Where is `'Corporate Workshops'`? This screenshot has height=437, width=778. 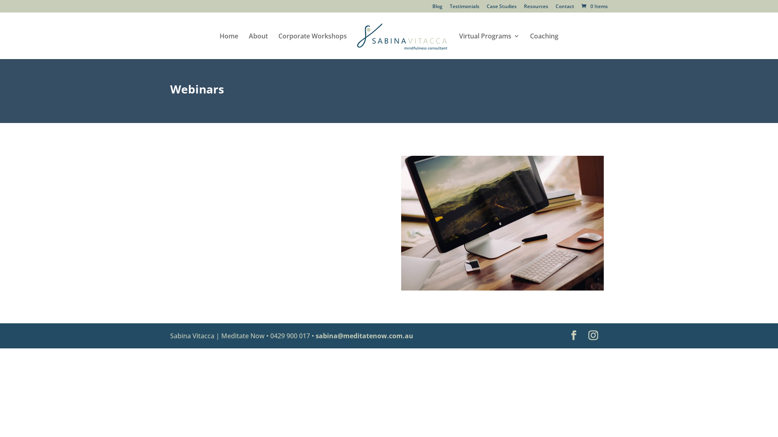
'Corporate Workshops' is located at coordinates (278, 46).